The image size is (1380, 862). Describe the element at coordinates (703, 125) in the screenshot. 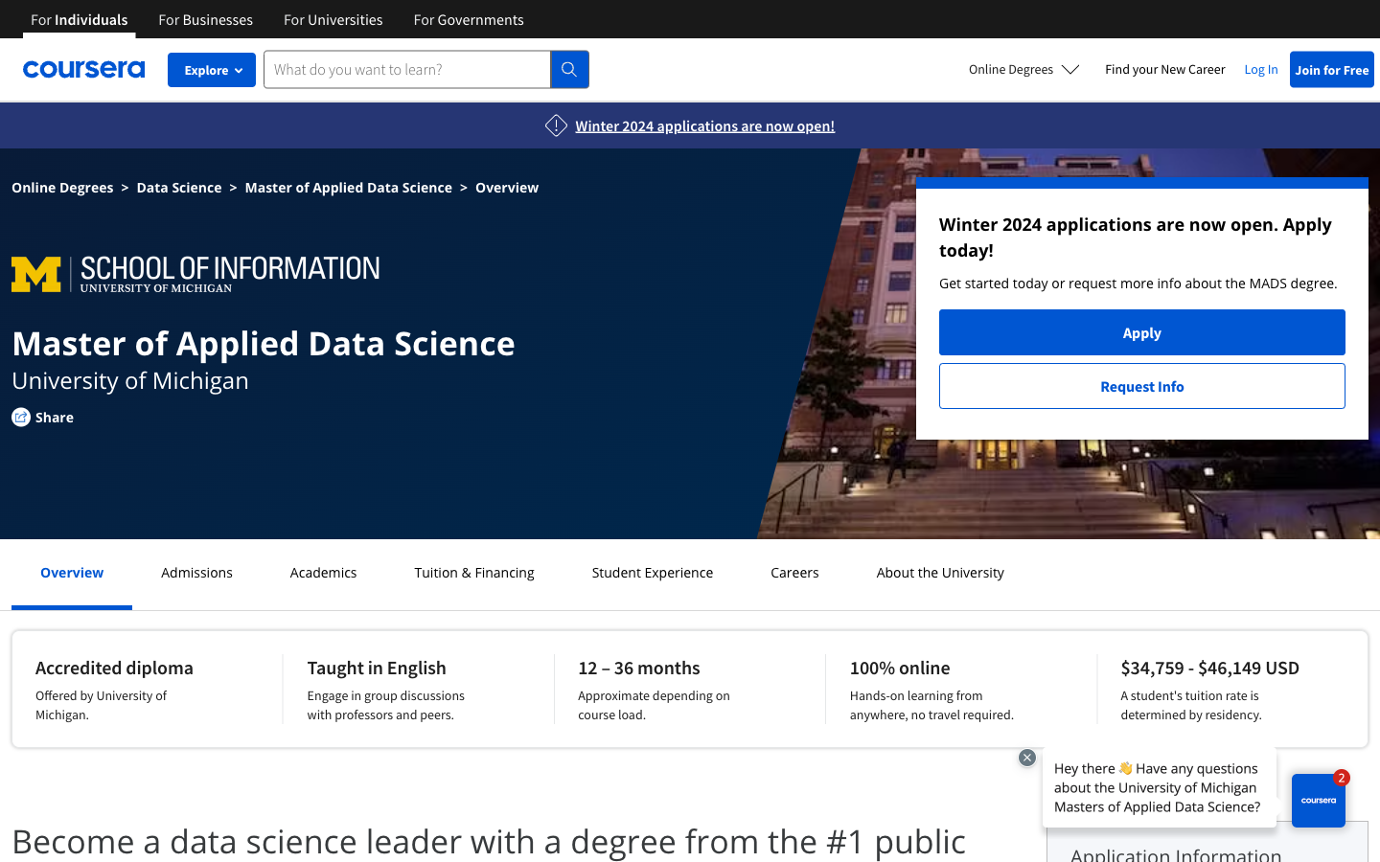

I see `Applications page for Winter 2024` at that location.